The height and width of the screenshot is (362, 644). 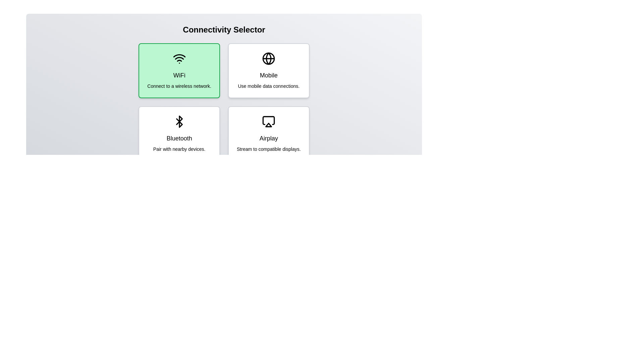 What do you see at coordinates (269, 133) in the screenshot?
I see `the connectivity option Airplay` at bounding box center [269, 133].